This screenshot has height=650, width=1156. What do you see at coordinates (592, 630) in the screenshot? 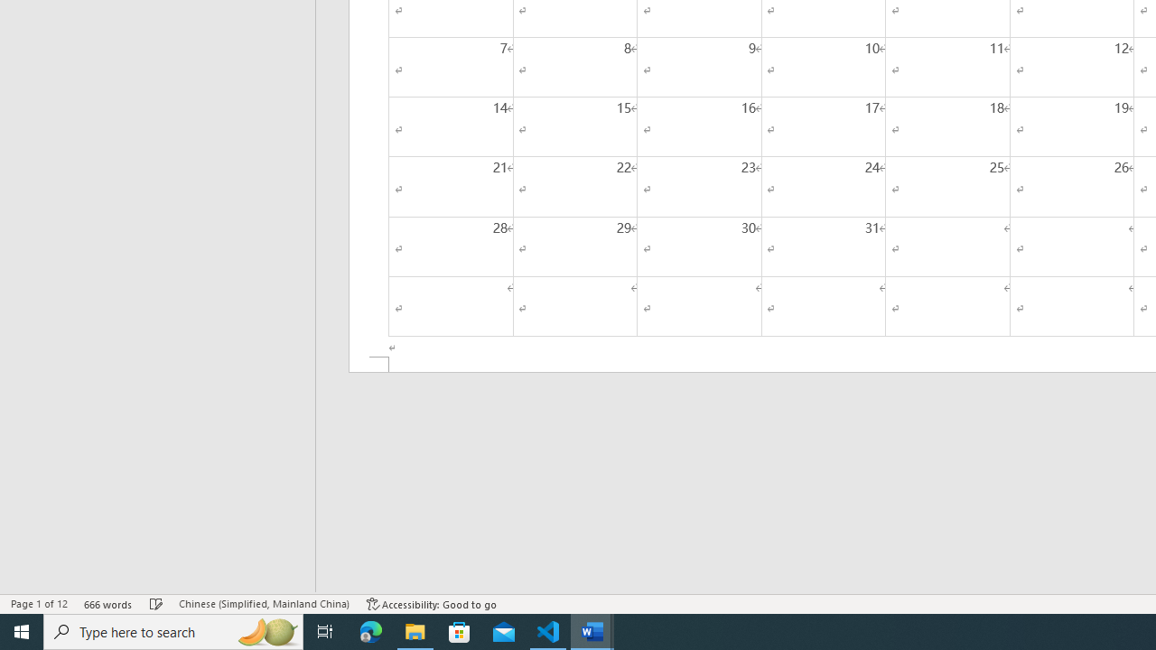
I see `'Word - 2 running windows'` at bounding box center [592, 630].